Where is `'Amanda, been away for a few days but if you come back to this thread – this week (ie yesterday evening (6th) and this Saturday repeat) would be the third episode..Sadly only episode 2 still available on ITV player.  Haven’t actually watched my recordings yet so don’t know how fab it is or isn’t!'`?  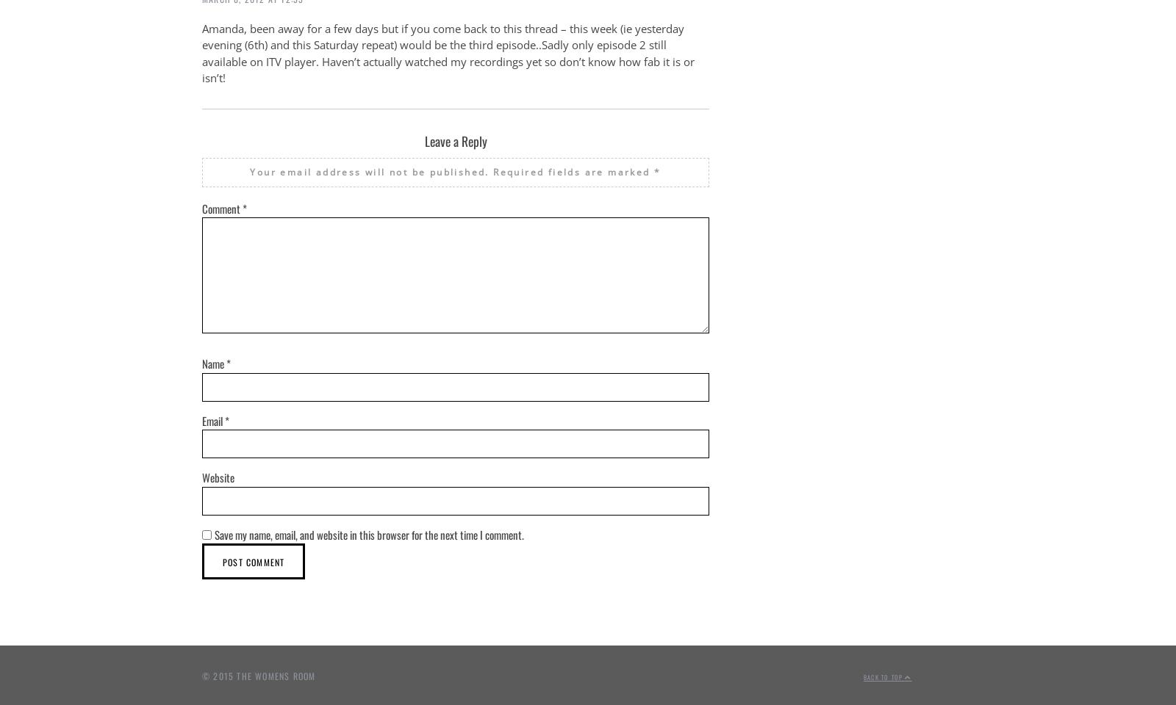 'Amanda, been away for a few days but if you come back to this thread – this week (ie yesterday evening (6th) and this Saturday repeat) would be the third episode..Sadly only episode 2 still available on ITV player.  Haven’t actually watched my recordings yet so don’t know how fab it is or isn’t!' is located at coordinates (448, 53).